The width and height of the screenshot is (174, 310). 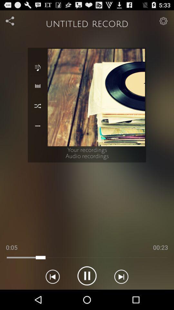 I want to click on the skip_previous icon, so click(x=52, y=295).